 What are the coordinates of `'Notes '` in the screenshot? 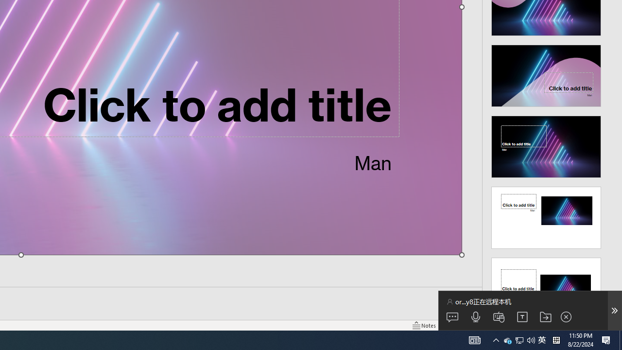 It's located at (425, 325).